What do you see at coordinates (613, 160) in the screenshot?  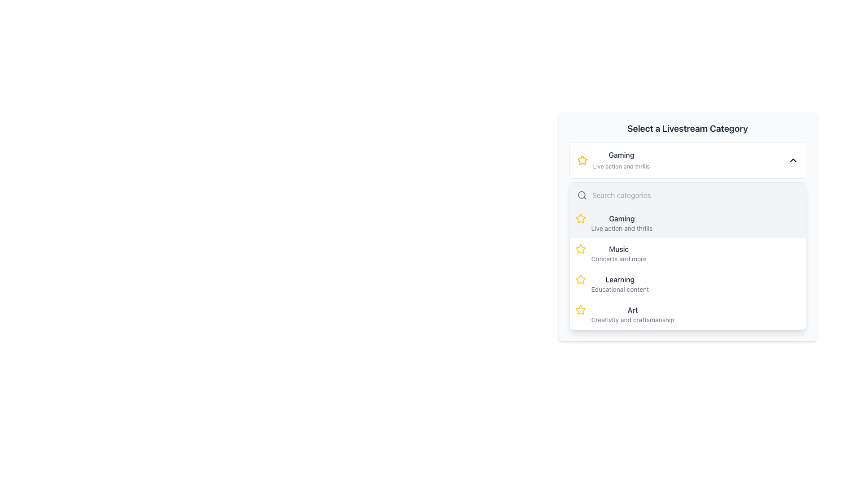 I see `the dropdown item labeled 'Gaming' with a yellow star icon to navigate` at bounding box center [613, 160].